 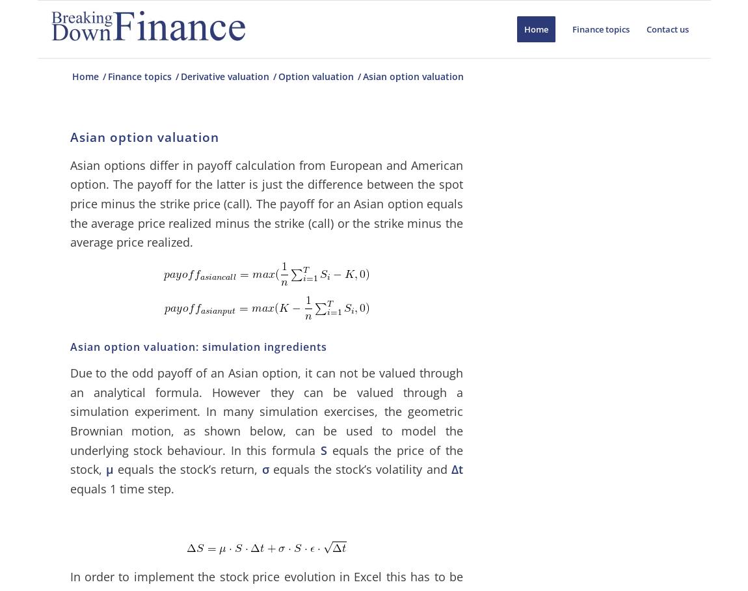 I want to click on 'Due to the odd payoff of an Asian option, it can not be valued through an analytical formula. However they can be valued through a simulation experiment. In many simulation exercises, the geometric Brownian motion, as shown below, can be used to model the underlying stock behaviour. In this formula', so click(x=266, y=410).